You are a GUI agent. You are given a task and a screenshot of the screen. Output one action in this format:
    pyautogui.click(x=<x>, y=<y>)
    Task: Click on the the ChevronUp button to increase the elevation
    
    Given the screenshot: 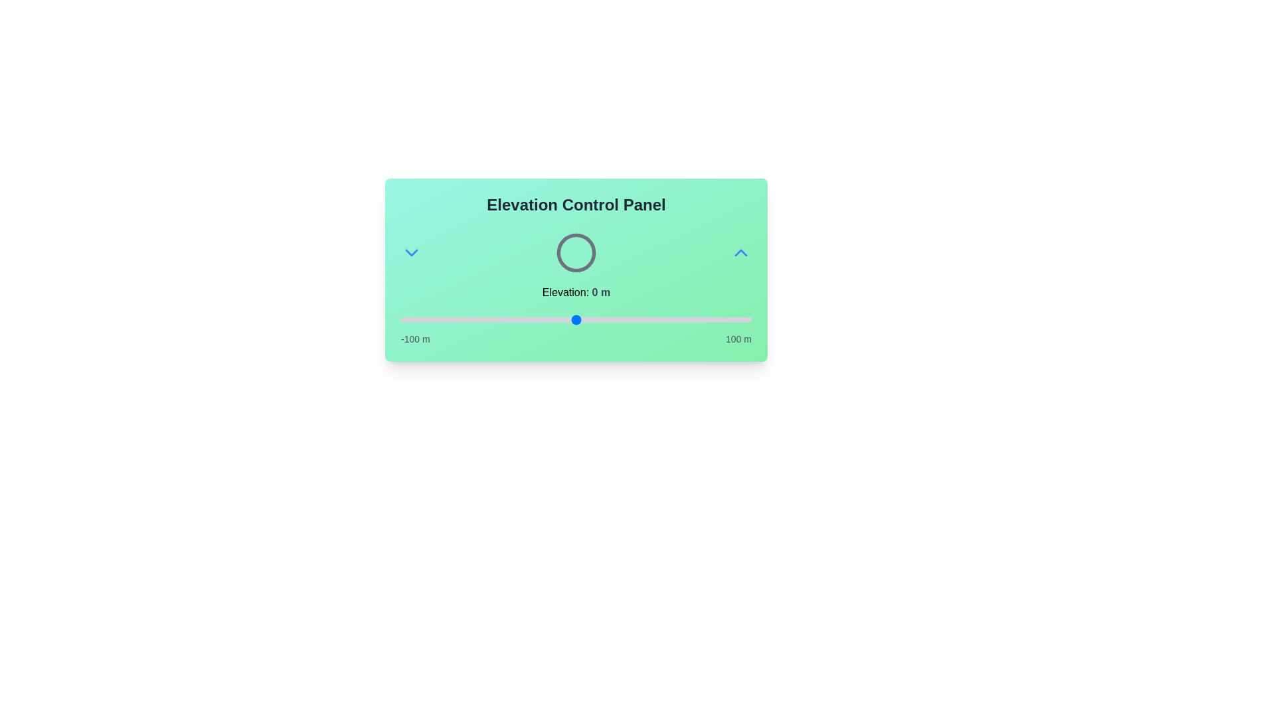 What is the action you would take?
    pyautogui.click(x=740, y=253)
    